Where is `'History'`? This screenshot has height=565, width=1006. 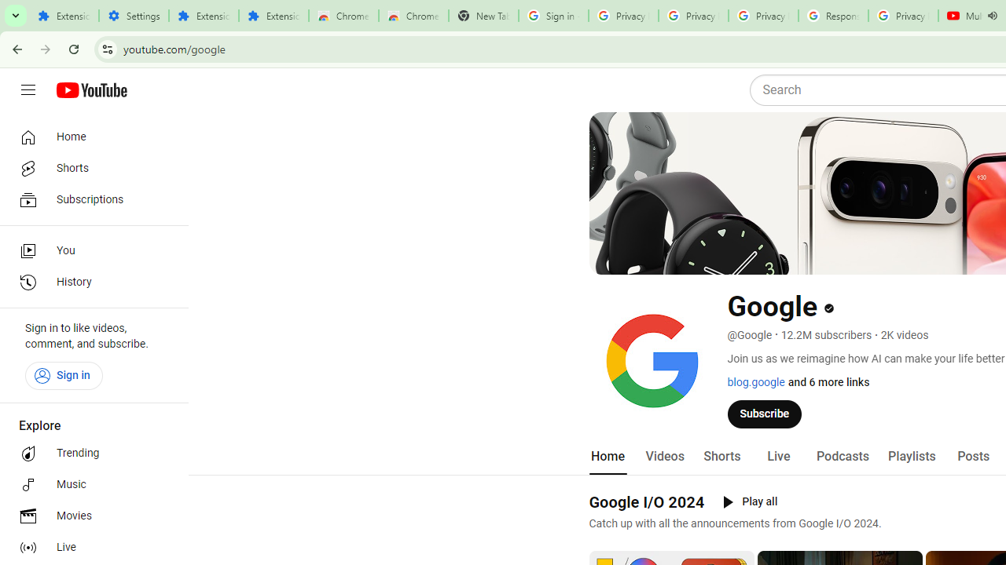 'History' is located at coordinates (88, 282).